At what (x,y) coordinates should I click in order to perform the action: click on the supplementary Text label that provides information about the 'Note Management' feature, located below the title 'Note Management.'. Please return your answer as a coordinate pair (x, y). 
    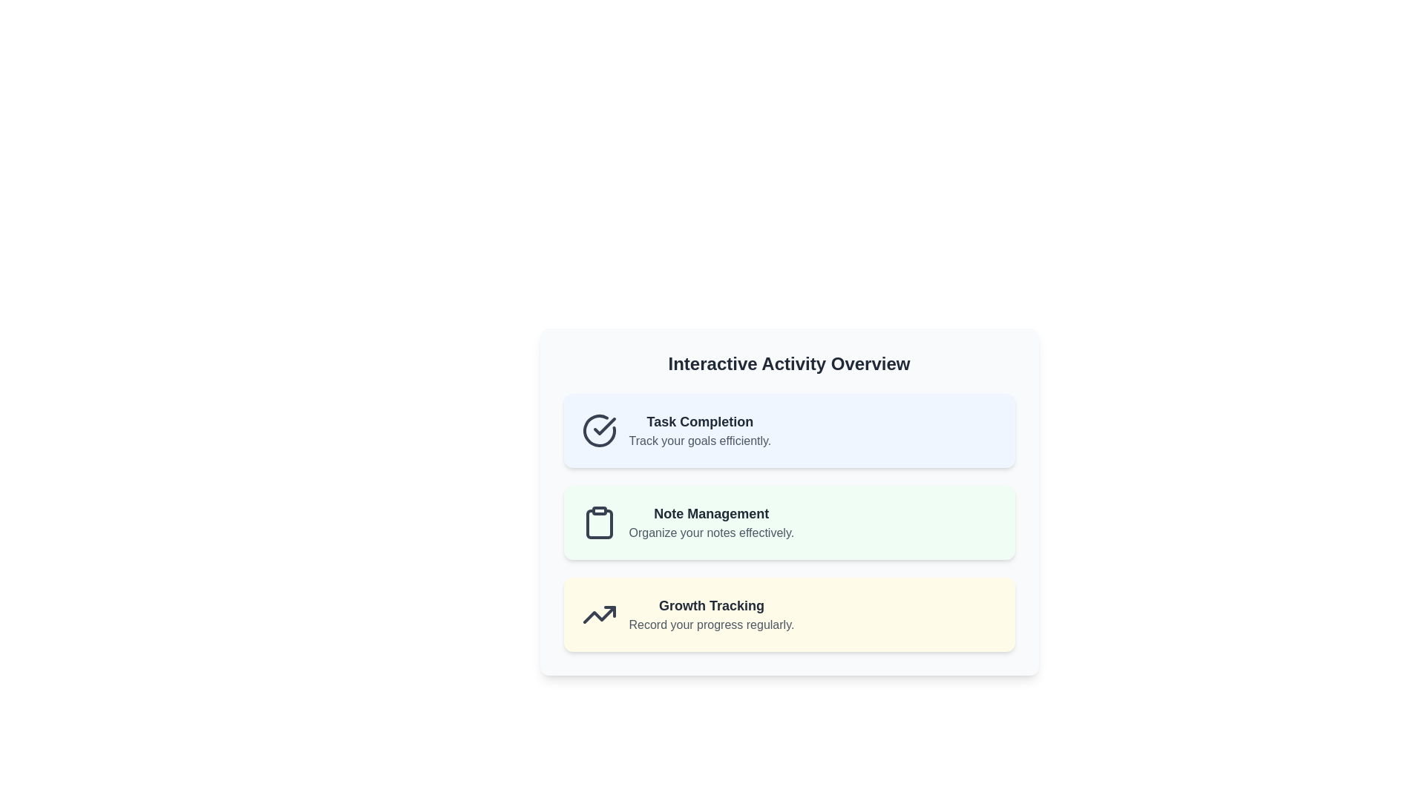
    Looking at the image, I should click on (710, 532).